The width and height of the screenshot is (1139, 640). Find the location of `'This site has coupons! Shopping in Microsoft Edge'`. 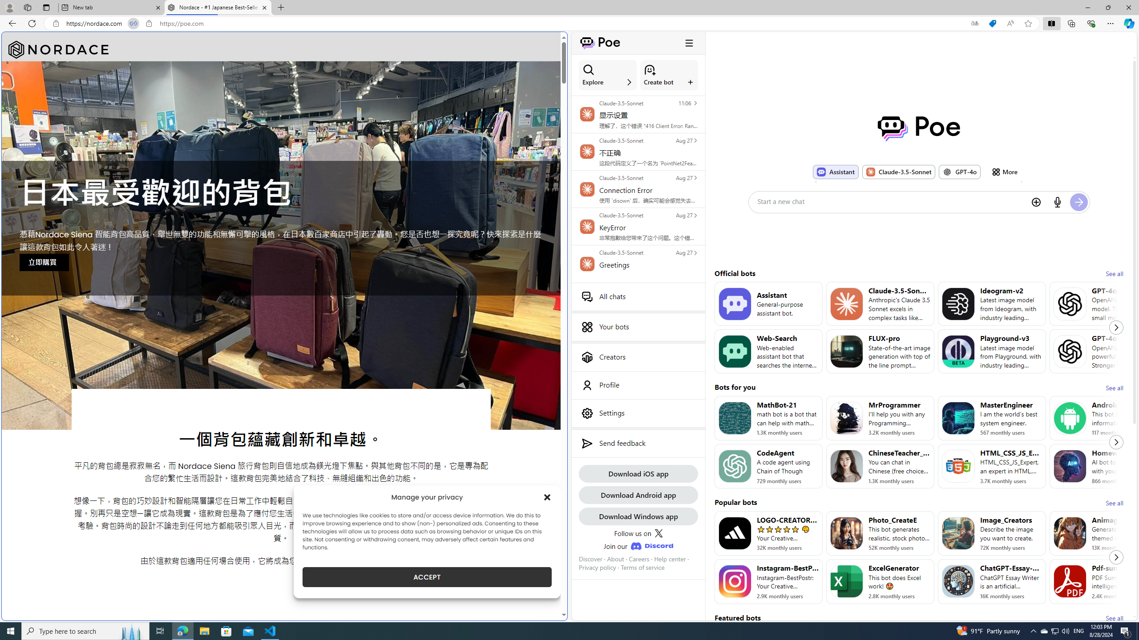

'This site has coupons! Shopping in Microsoft Edge' is located at coordinates (992, 24).